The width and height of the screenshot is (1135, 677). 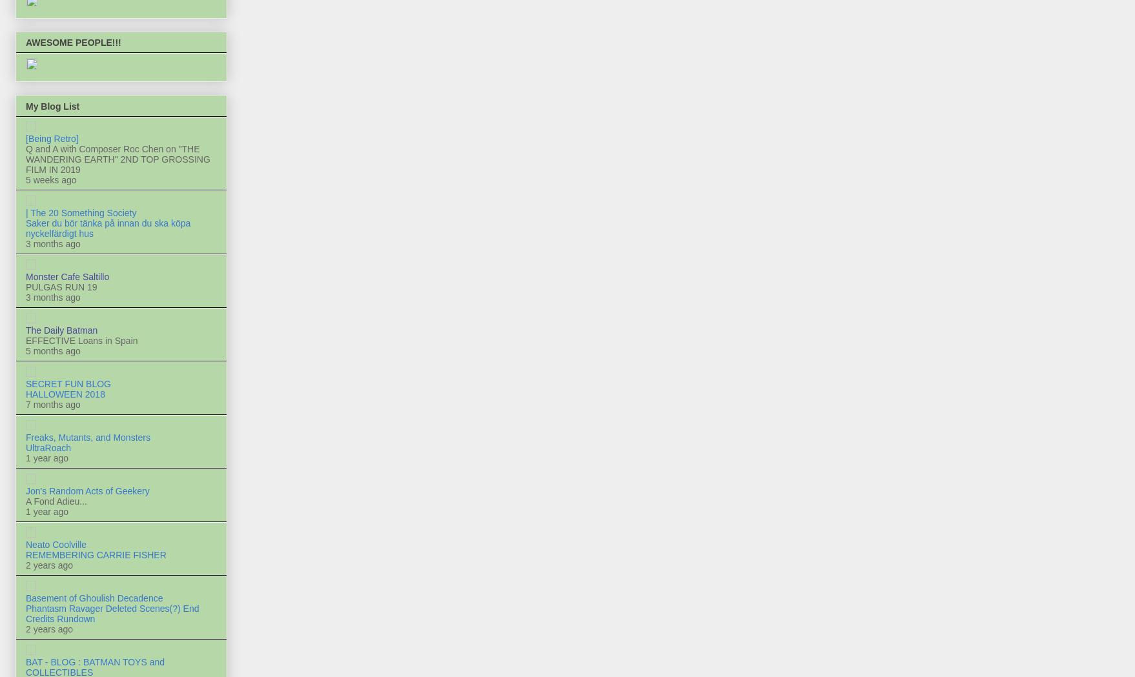 I want to click on 'Freaks, Mutants, and Monsters', so click(x=88, y=436).